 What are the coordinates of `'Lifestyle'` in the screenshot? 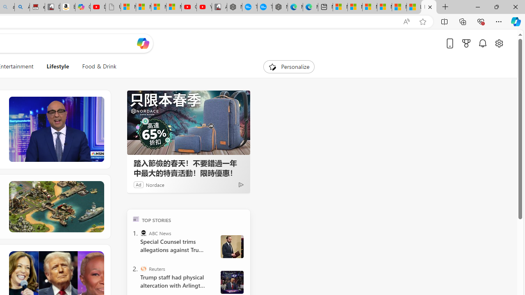 It's located at (57, 66).